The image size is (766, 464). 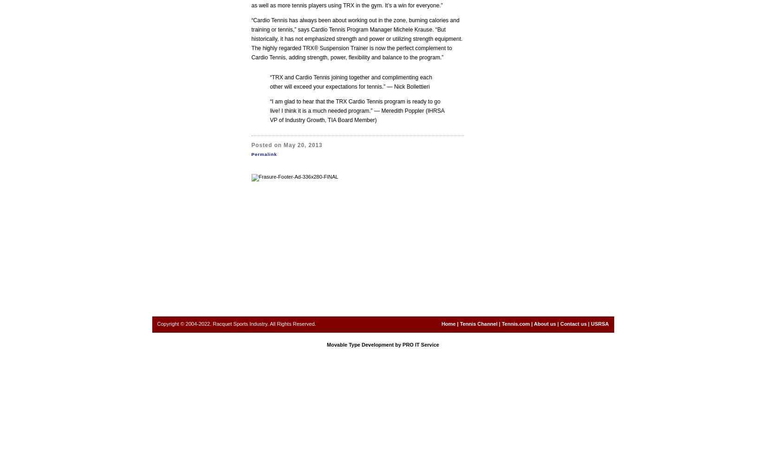 What do you see at coordinates (545, 323) in the screenshot?
I see `'About us'` at bounding box center [545, 323].